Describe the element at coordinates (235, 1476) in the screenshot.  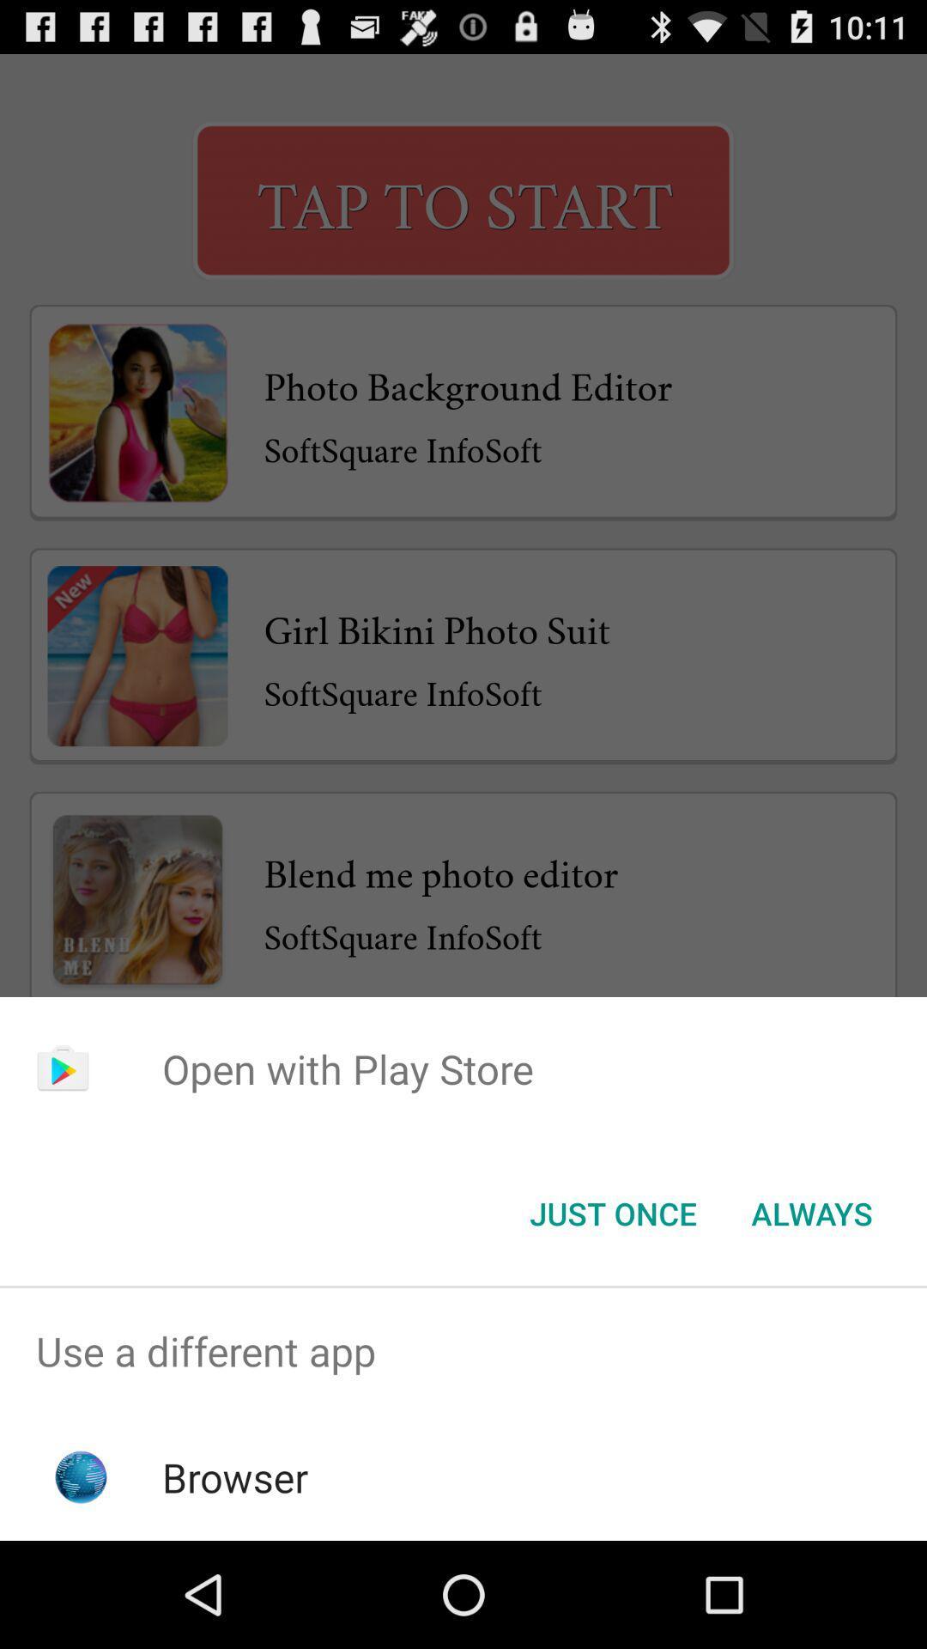
I see `the browser item` at that location.